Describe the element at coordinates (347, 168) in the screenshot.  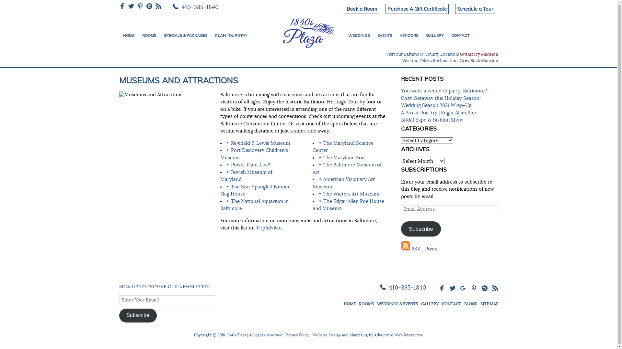
I see `'The Baltimore Museum of Art'` at that location.